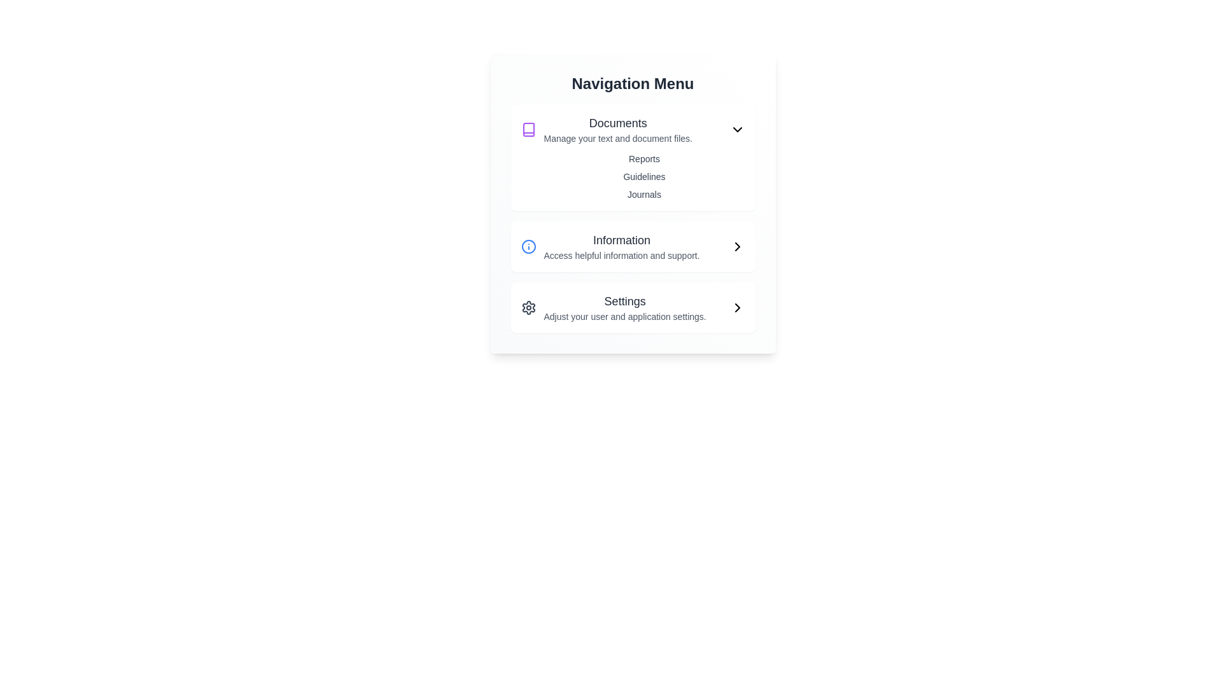  Describe the element at coordinates (633, 130) in the screenshot. I see `the 'Documents' button located at the top of the card, which is the first interactive element` at that location.